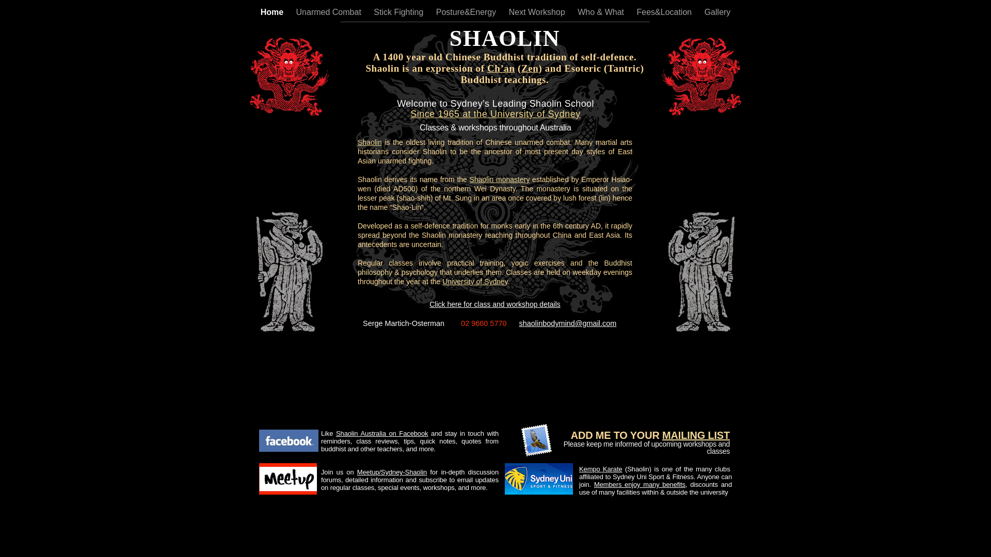  Describe the element at coordinates (717, 12) in the screenshot. I see `'Gallery'` at that location.